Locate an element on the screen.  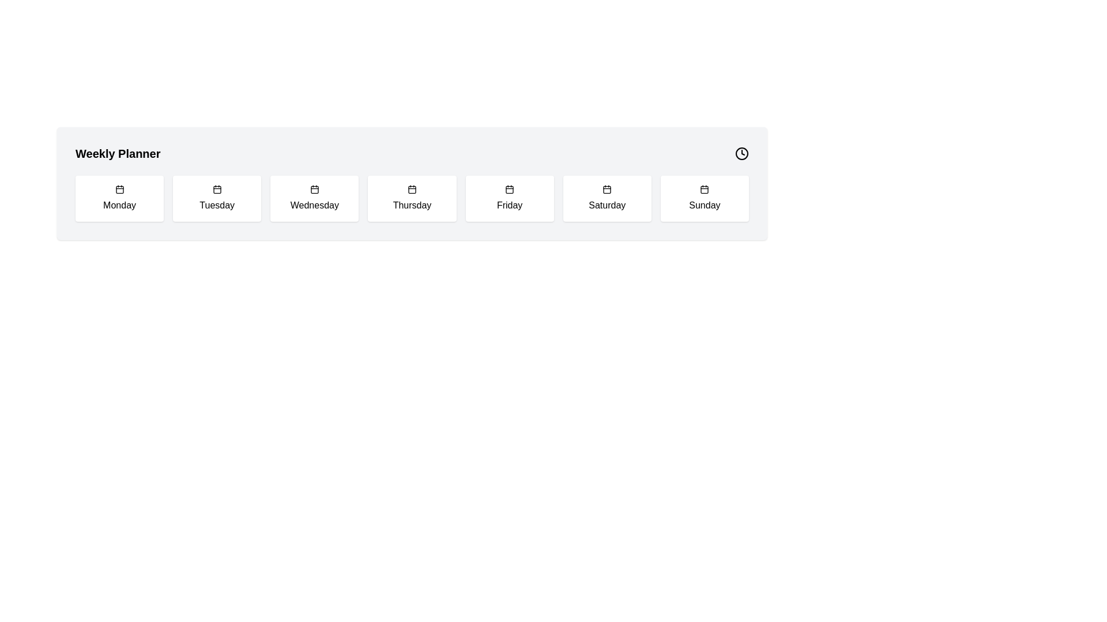
the small round clock icon with hour and minute hands located in the top-right corner next to the title text 'Weekly Planner' is located at coordinates (741, 153).